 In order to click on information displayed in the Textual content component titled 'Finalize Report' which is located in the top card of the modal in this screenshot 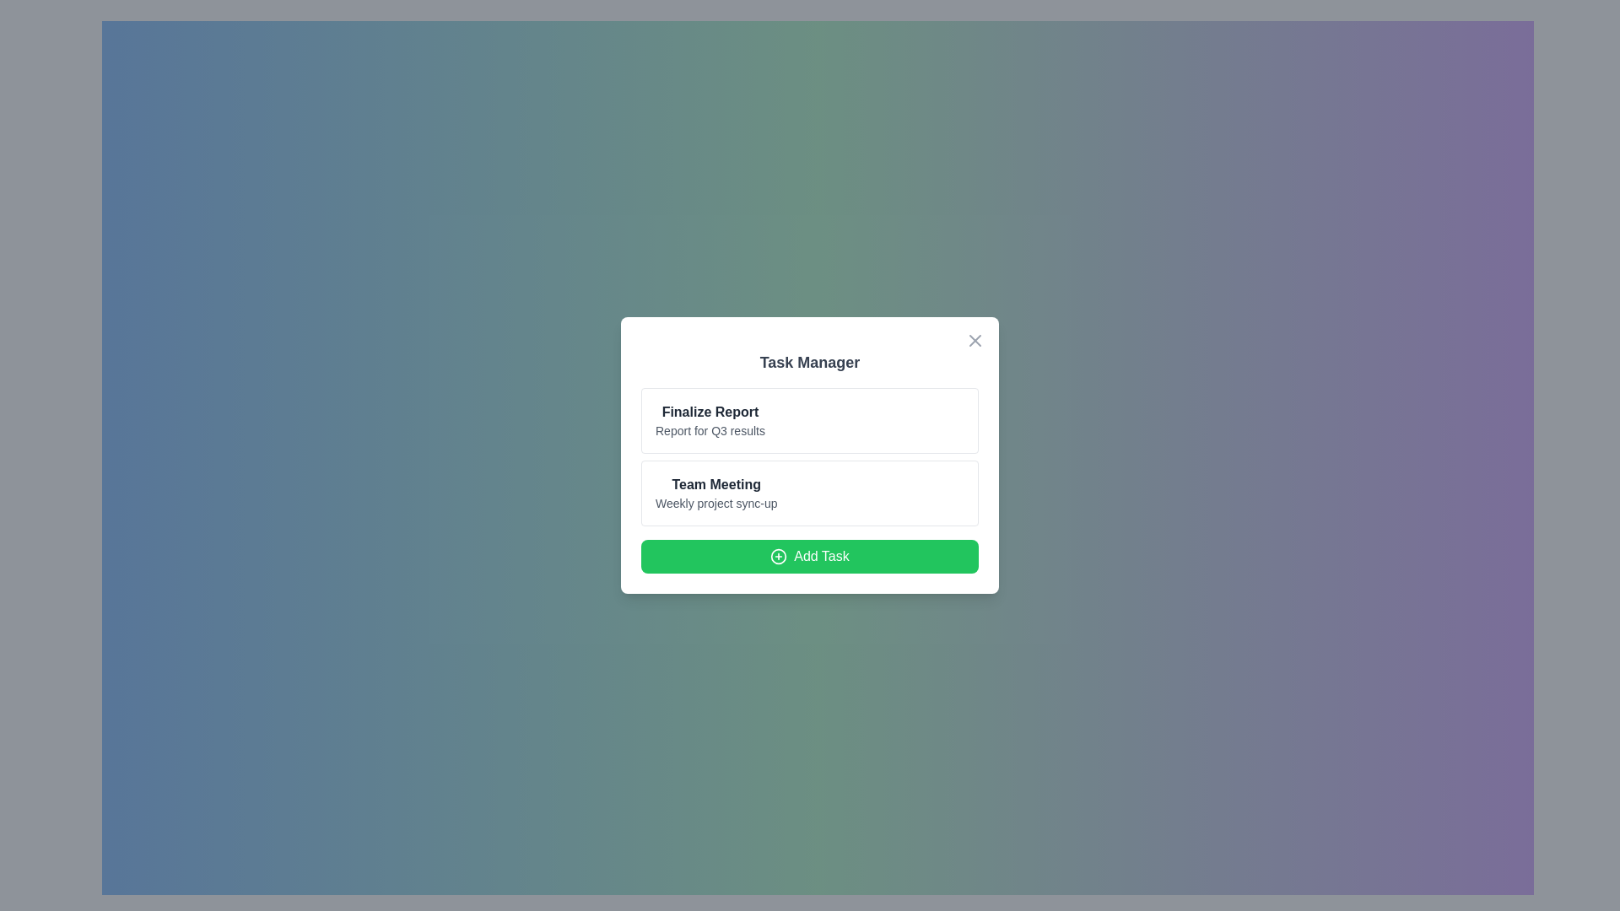, I will do `click(710, 419)`.